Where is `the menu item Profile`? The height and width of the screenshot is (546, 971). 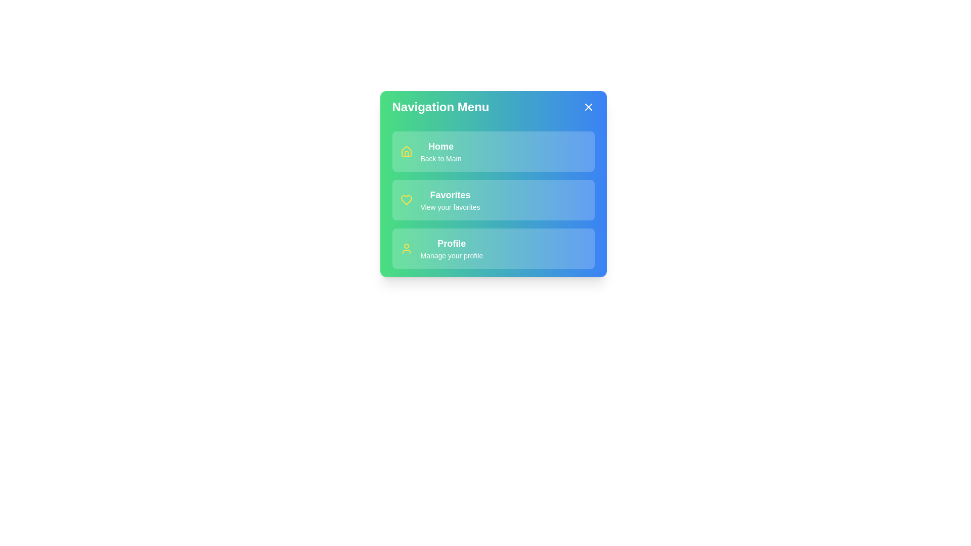
the menu item Profile is located at coordinates (493, 249).